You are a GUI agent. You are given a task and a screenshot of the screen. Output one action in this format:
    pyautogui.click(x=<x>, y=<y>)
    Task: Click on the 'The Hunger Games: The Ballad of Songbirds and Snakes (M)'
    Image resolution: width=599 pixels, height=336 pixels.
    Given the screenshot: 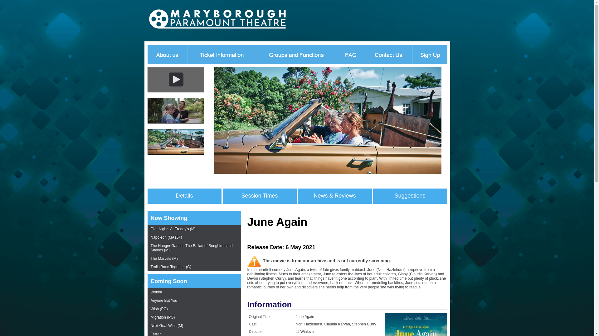 What is the action you would take?
    pyautogui.click(x=194, y=248)
    